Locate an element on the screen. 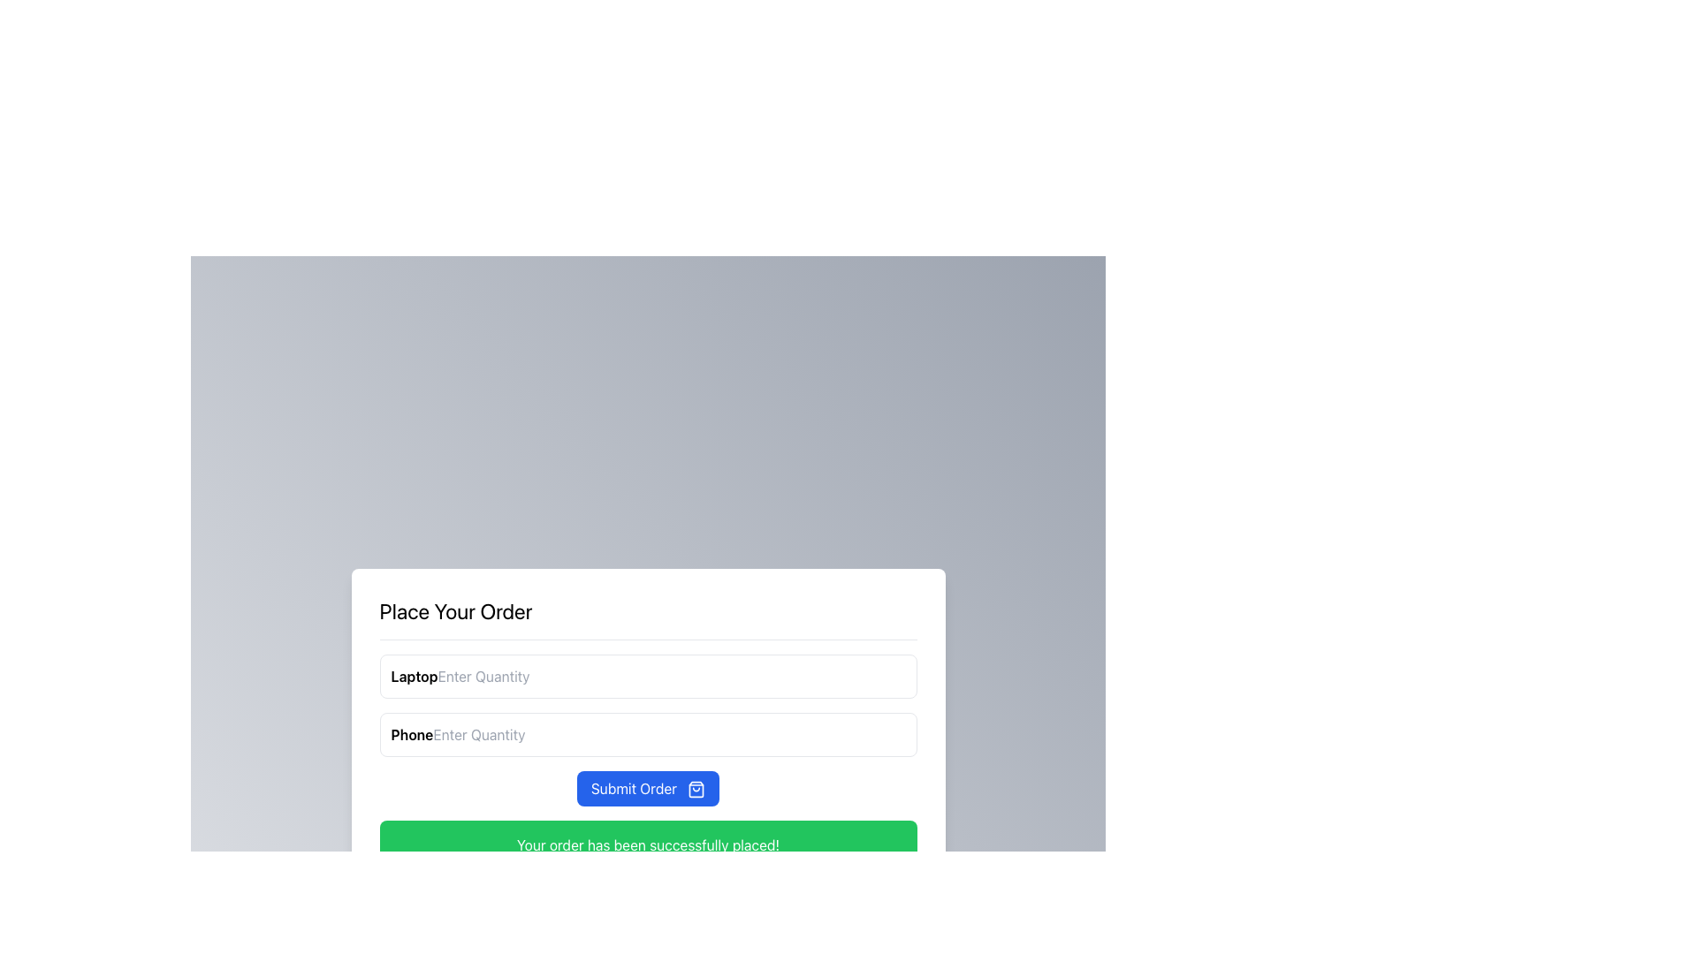 The width and height of the screenshot is (1697, 954). notification message from the rectangular notification banner with a bright green background and white text saying 'Your order has been successfully placed!', positioned below the 'Submit Order' button is located at coordinates (647, 844).